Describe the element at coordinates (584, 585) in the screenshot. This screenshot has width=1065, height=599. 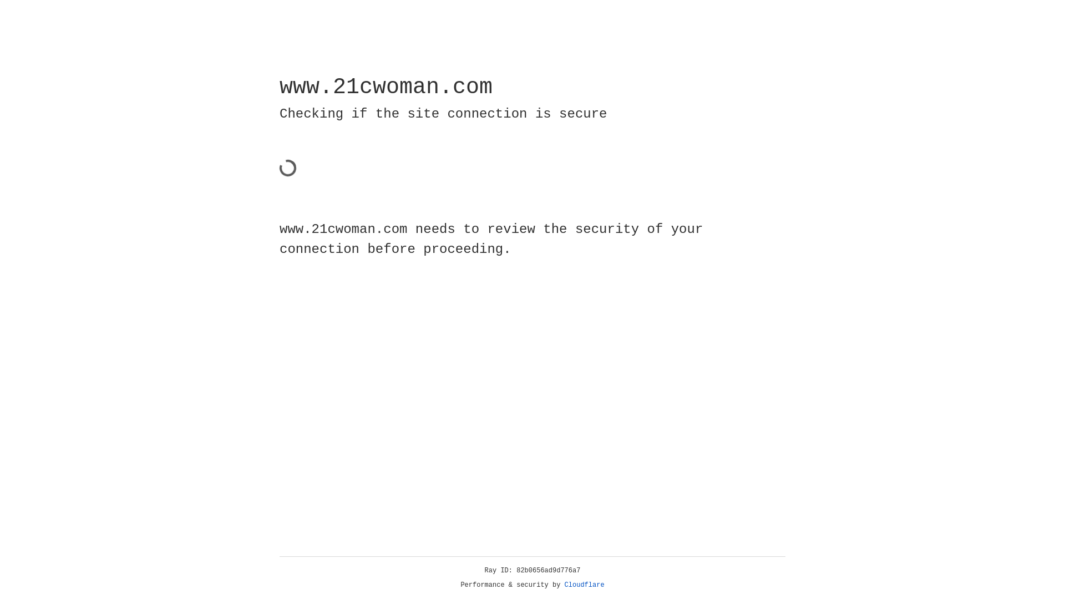
I see `'Cloudflare'` at that location.